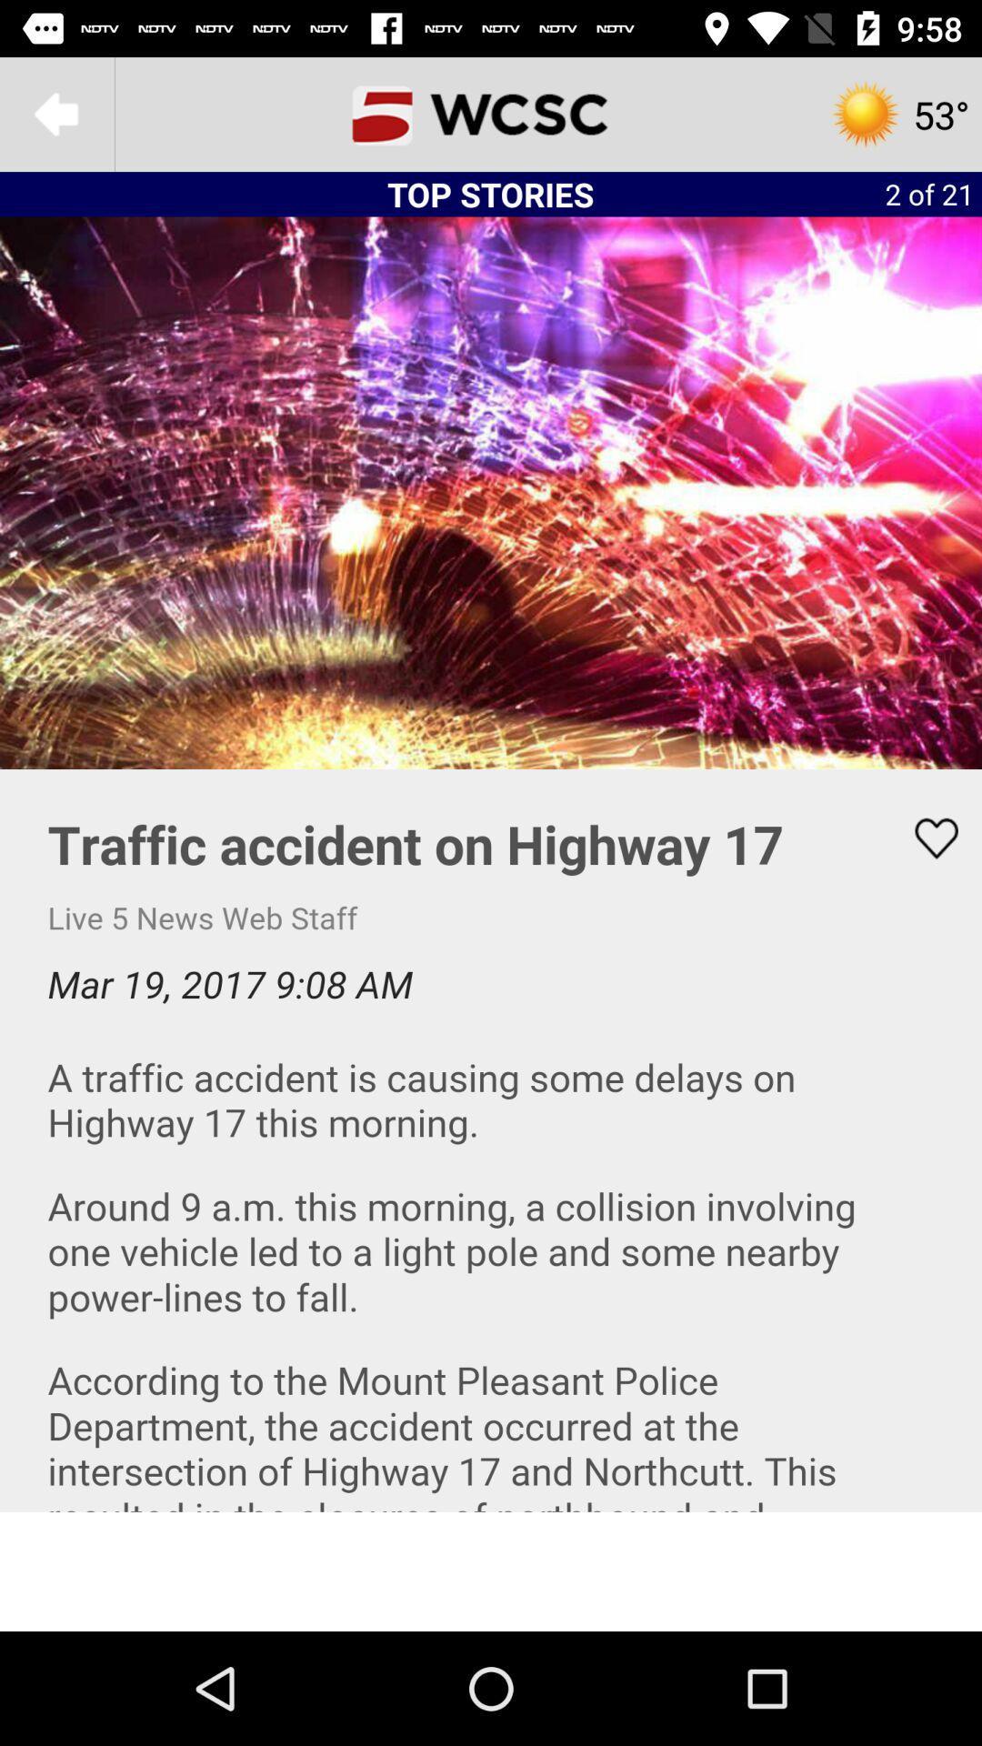 This screenshot has height=1746, width=982. I want to click on the arrow_backward icon, so click(55, 113).